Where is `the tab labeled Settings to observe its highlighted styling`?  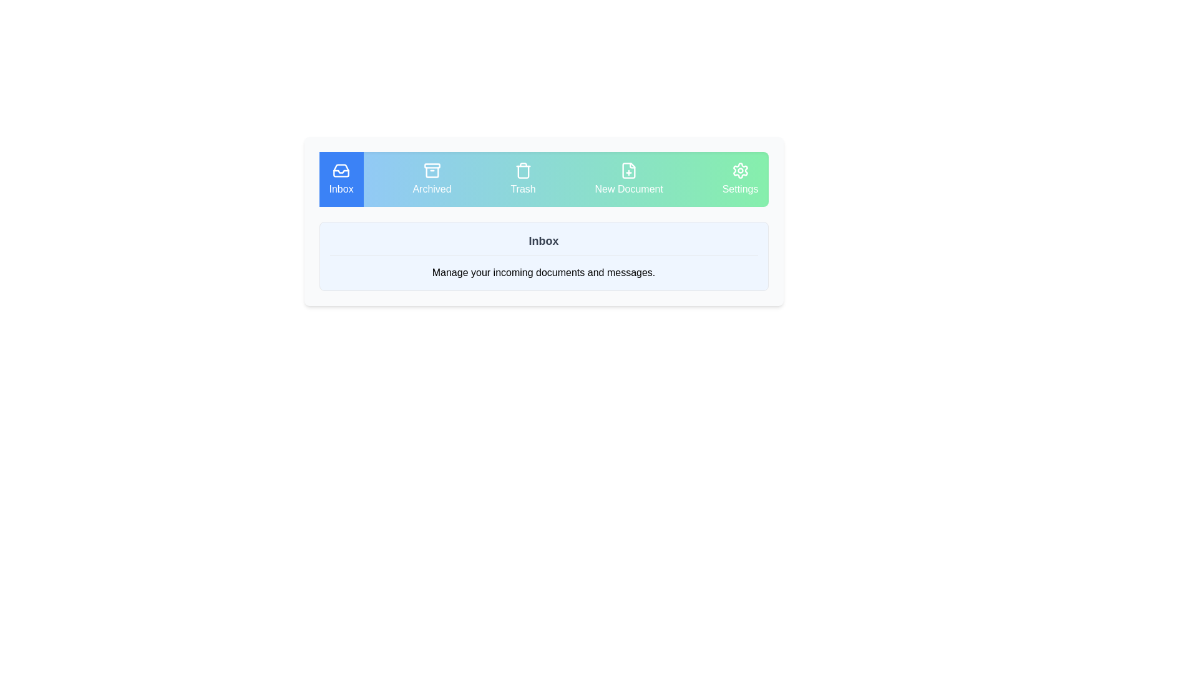 the tab labeled Settings to observe its highlighted styling is located at coordinates (740, 179).